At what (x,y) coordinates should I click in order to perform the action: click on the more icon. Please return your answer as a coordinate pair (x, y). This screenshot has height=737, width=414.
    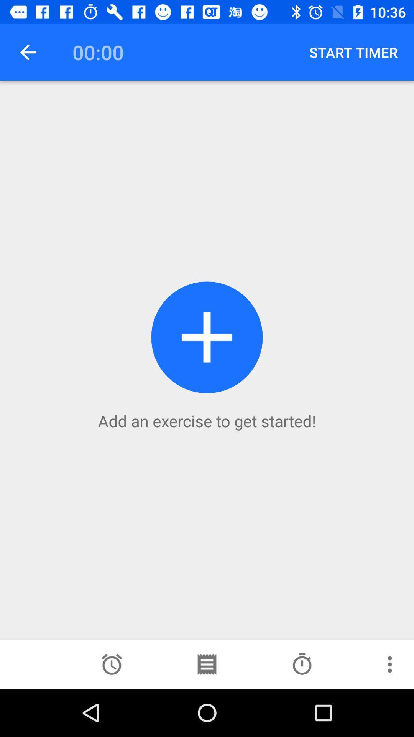
    Looking at the image, I should click on (206, 664).